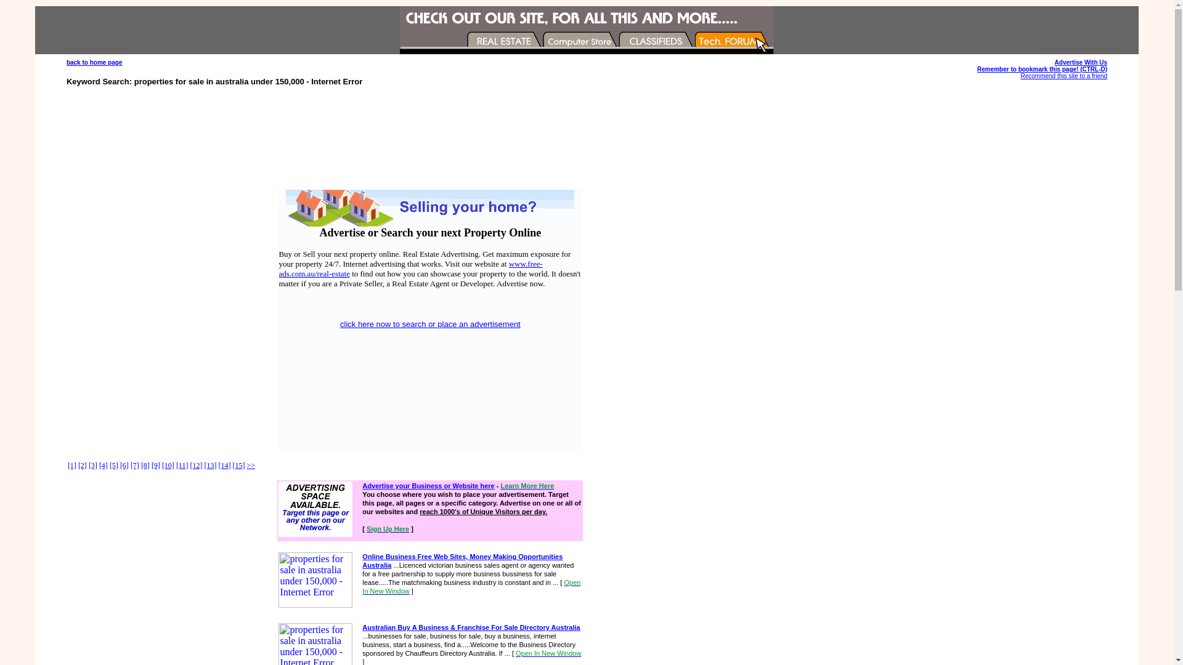  Describe the element at coordinates (120, 465) in the screenshot. I see `'[6]'` at that location.